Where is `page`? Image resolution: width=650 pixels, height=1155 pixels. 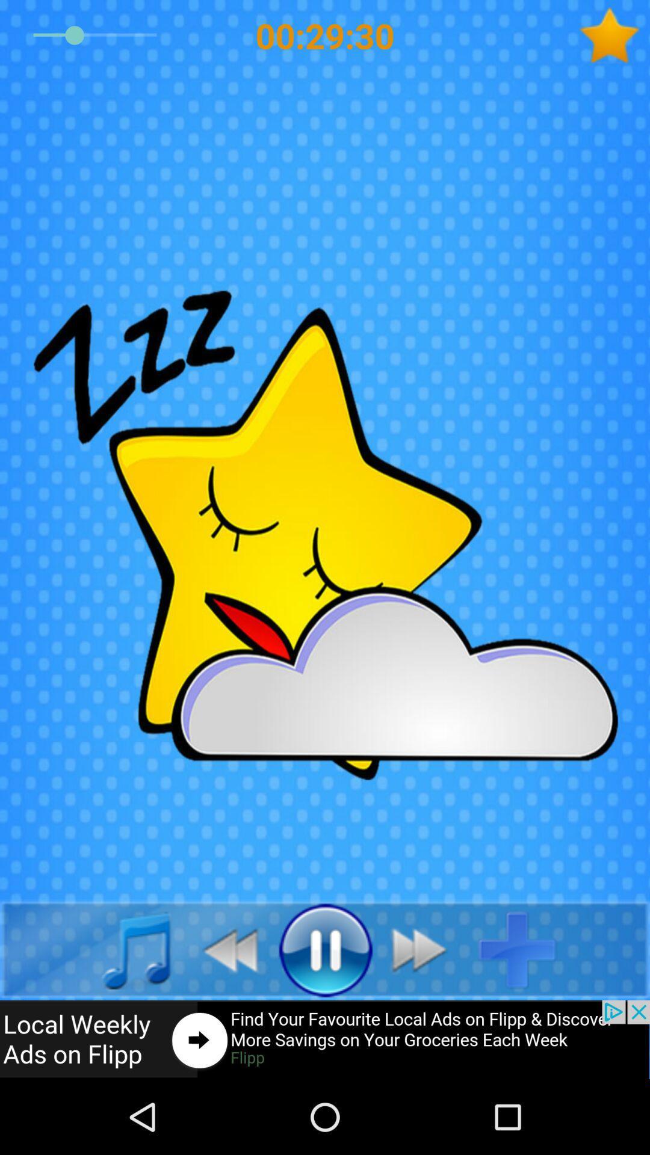
page is located at coordinates (526, 949).